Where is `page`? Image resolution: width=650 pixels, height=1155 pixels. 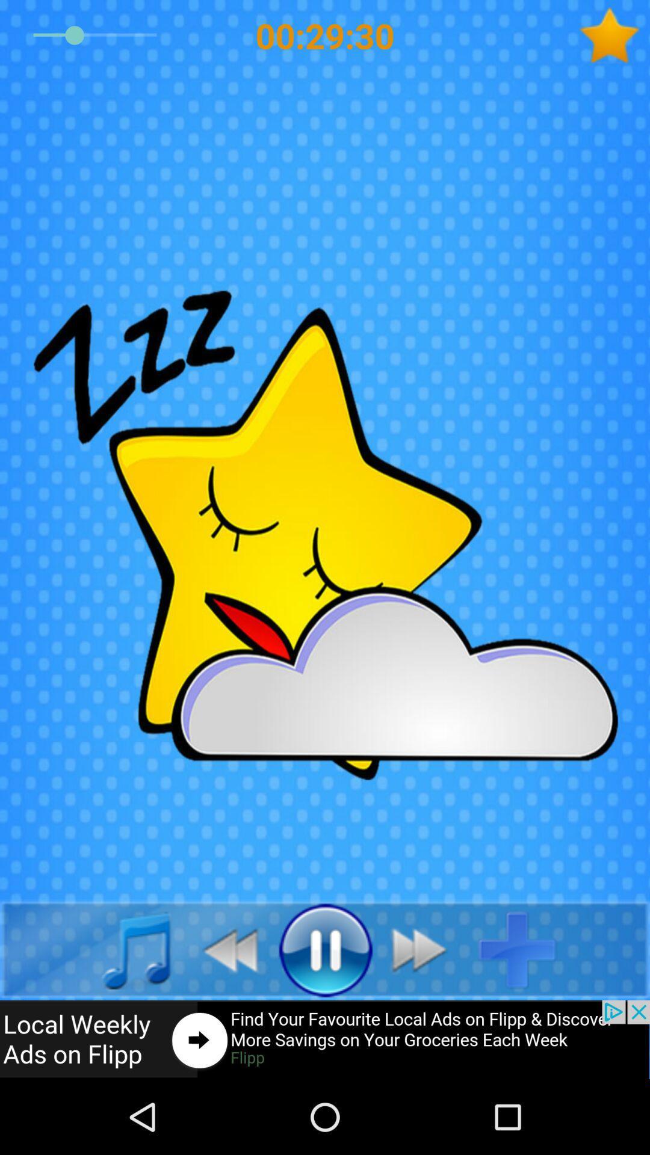
page is located at coordinates (526, 949).